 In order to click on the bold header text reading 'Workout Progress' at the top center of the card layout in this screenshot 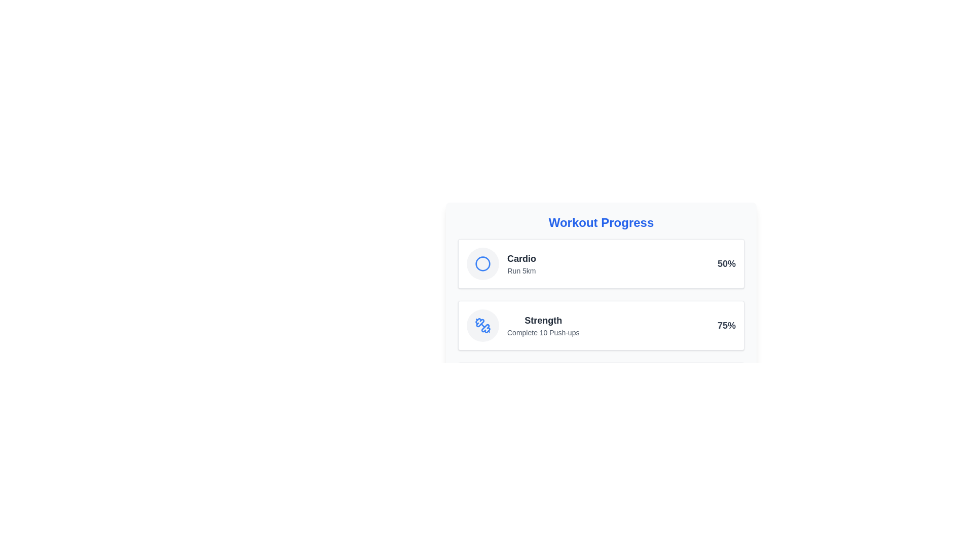, I will do `click(601, 222)`.